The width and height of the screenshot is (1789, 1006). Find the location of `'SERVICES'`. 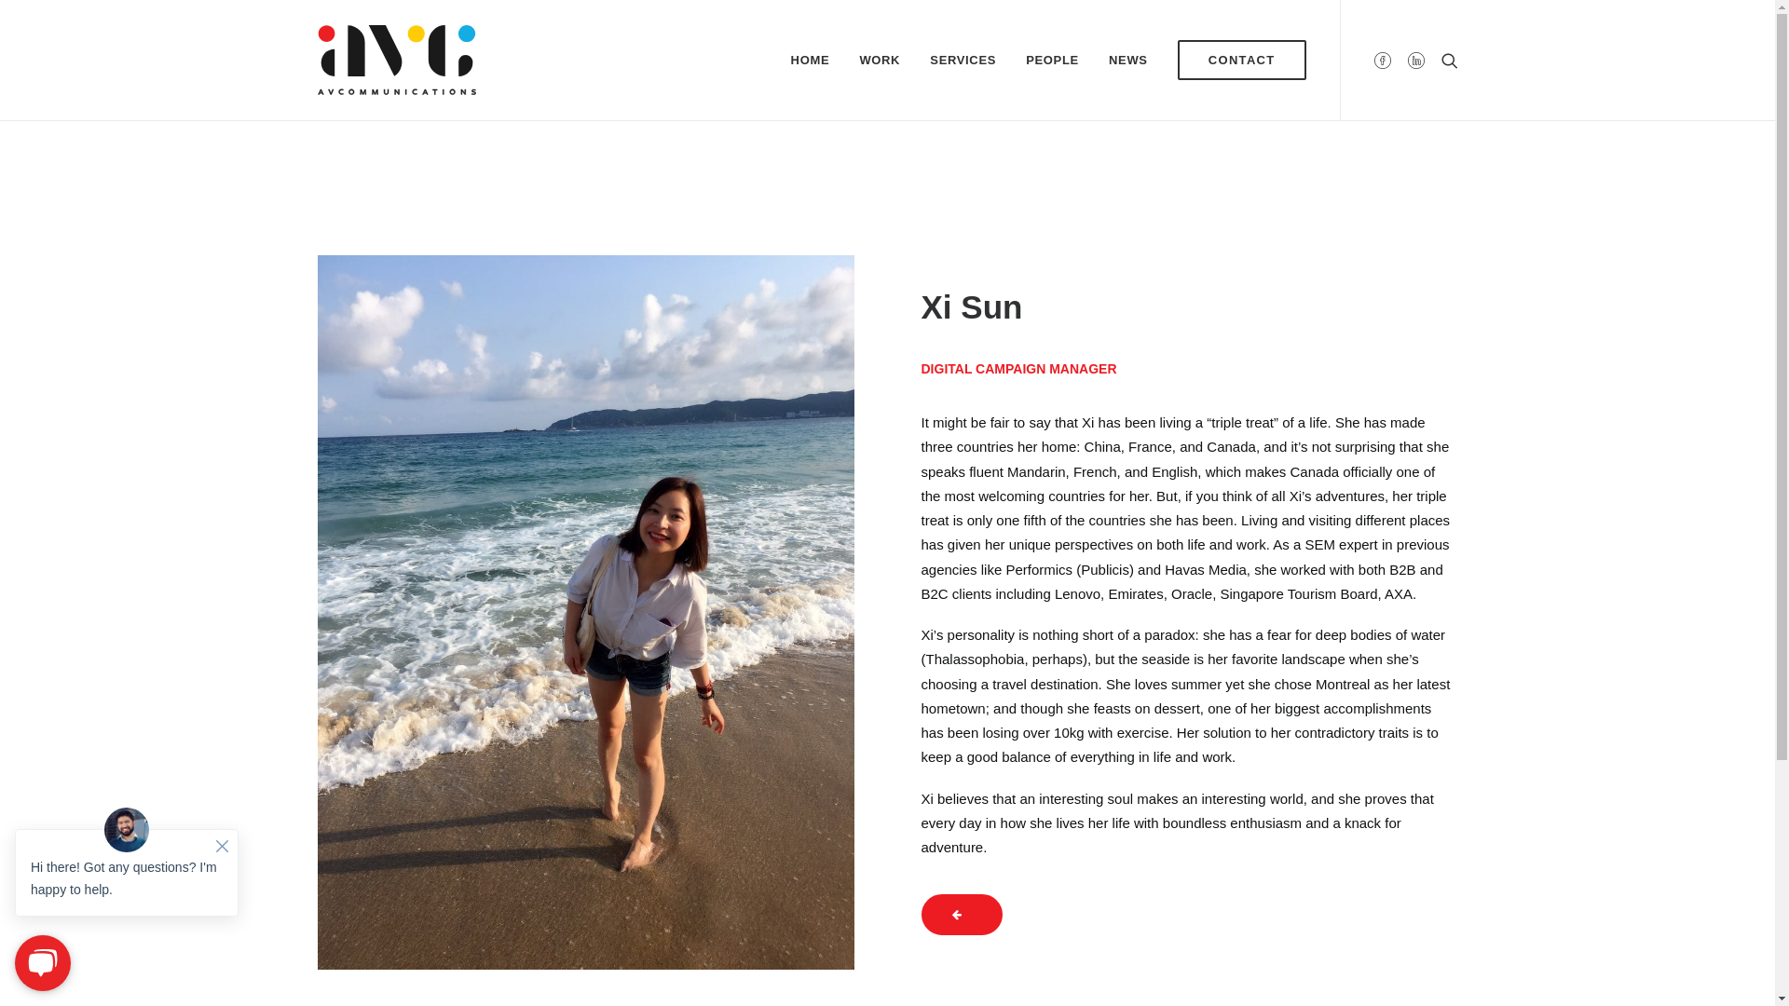

'SERVICES' is located at coordinates (963, 59).